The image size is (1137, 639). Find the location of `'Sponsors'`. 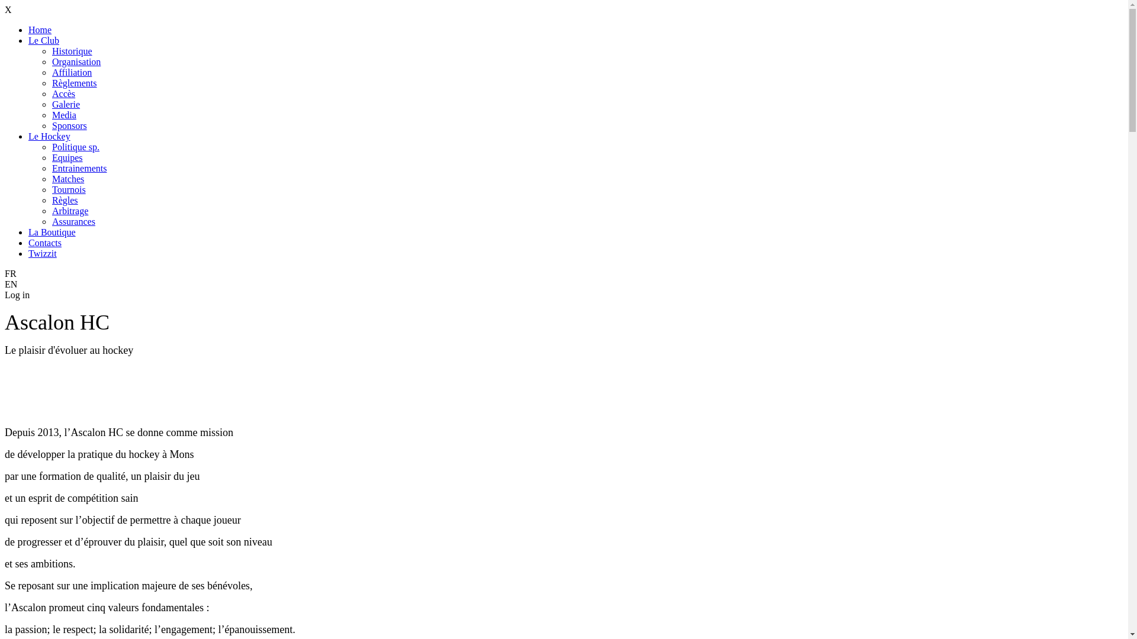

'Sponsors' is located at coordinates (51, 125).